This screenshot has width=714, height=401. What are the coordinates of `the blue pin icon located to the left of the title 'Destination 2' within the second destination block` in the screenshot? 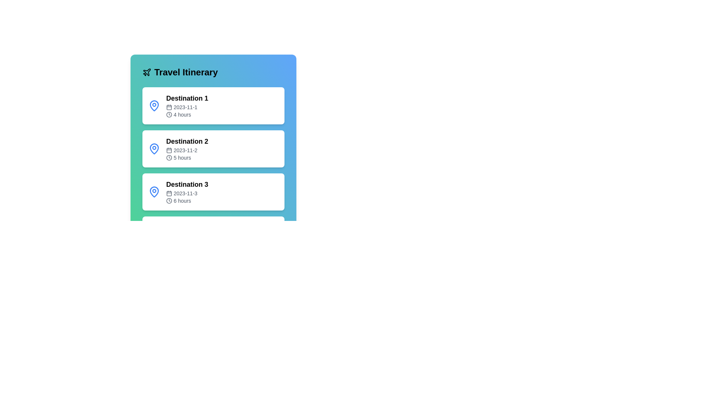 It's located at (154, 149).